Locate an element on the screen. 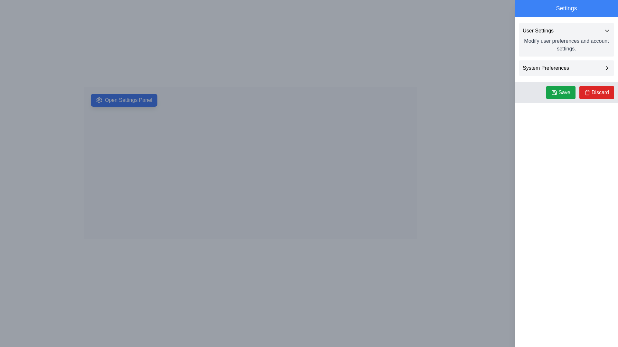 The height and width of the screenshot is (347, 618). the 'Save' button which is a green rectangular button containing a floppy disk icon located in the top-right corner of the 'Settings' panel is located at coordinates (554, 93).